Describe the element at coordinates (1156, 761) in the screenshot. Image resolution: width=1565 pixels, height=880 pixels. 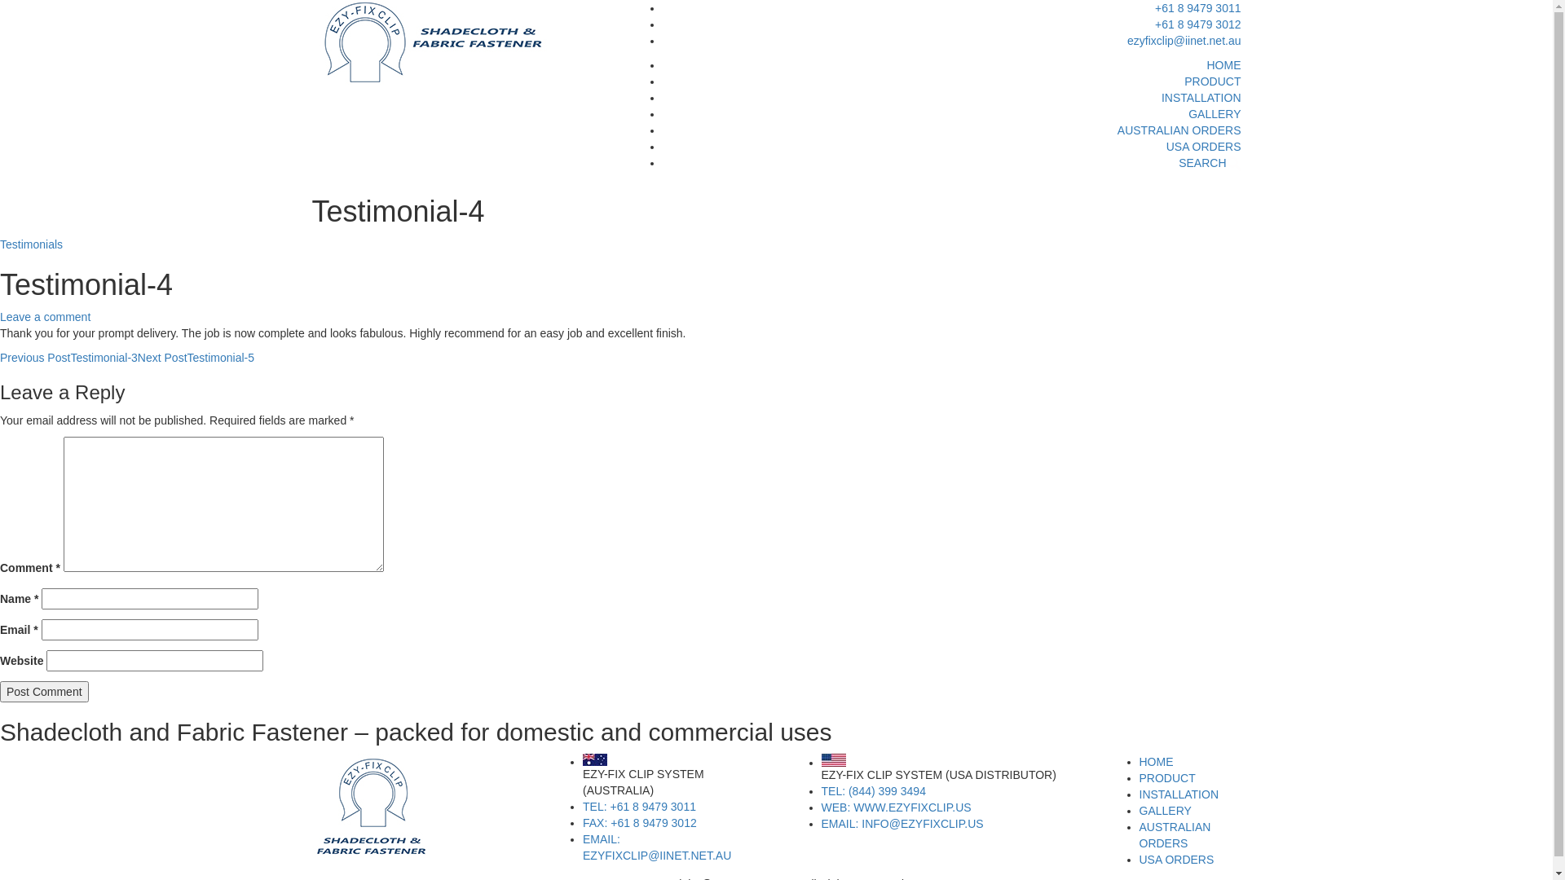
I see `'HOME'` at that location.